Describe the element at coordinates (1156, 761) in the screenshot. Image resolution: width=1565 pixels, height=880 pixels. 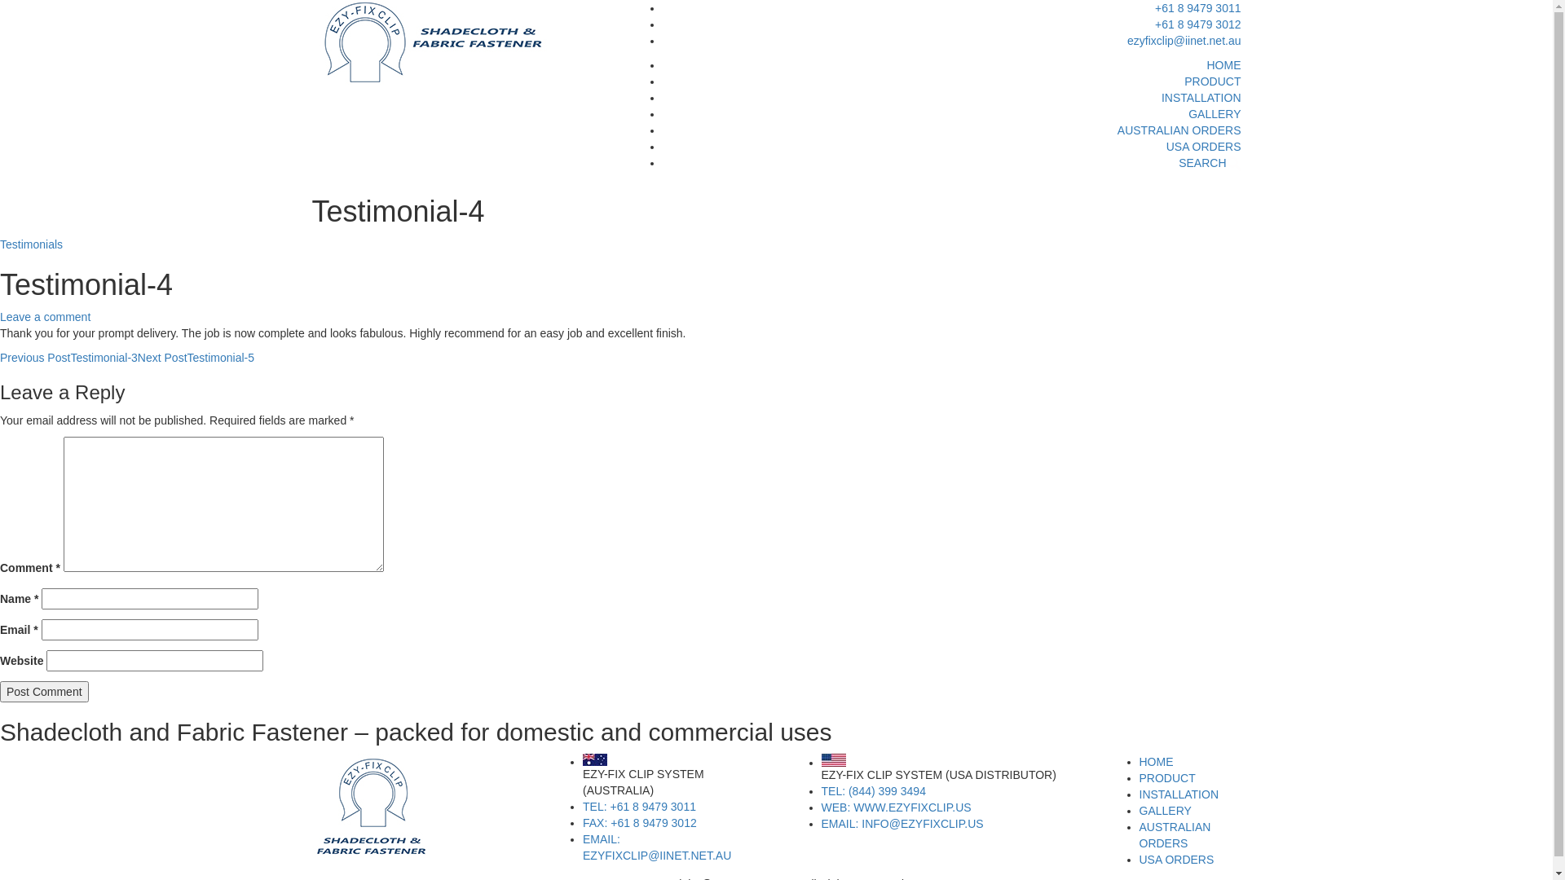
I see `'HOME'` at that location.